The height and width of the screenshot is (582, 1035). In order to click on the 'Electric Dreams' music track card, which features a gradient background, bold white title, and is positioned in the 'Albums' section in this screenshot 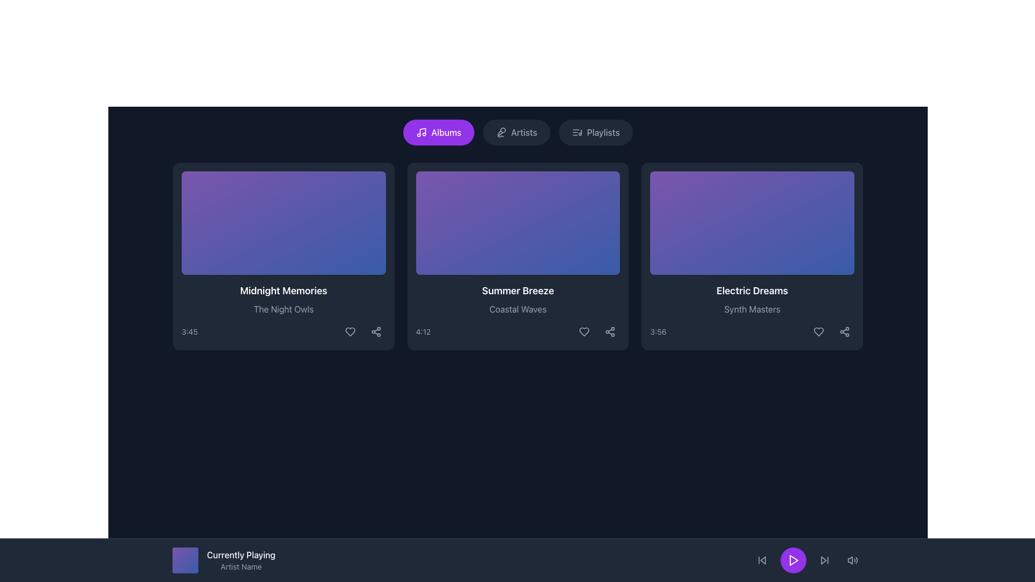, I will do `click(751, 256)`.